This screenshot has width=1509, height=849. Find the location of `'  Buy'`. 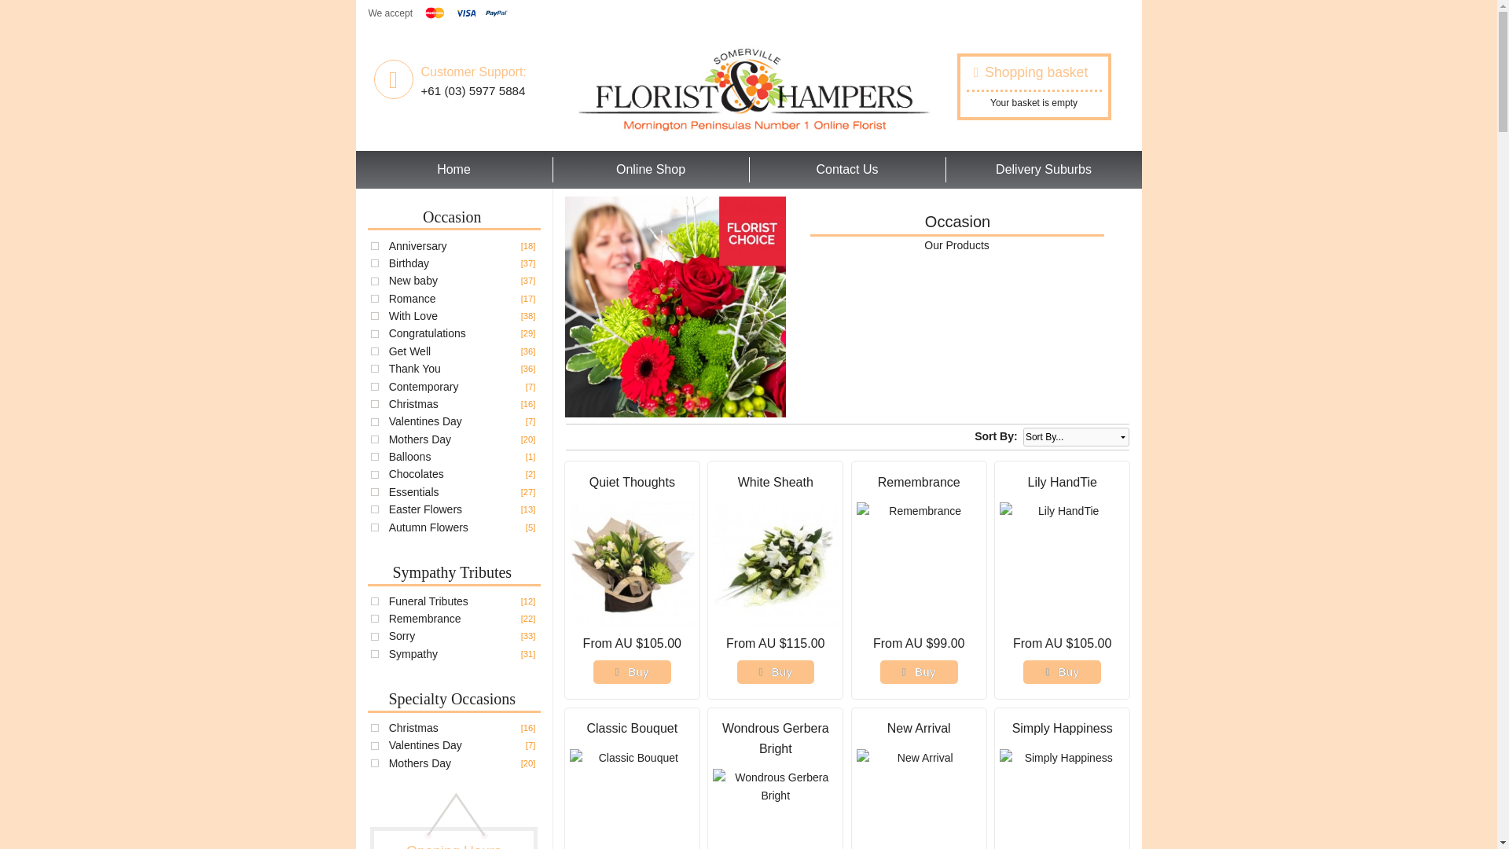

'  Buy' is located at coordinates (736, 672).